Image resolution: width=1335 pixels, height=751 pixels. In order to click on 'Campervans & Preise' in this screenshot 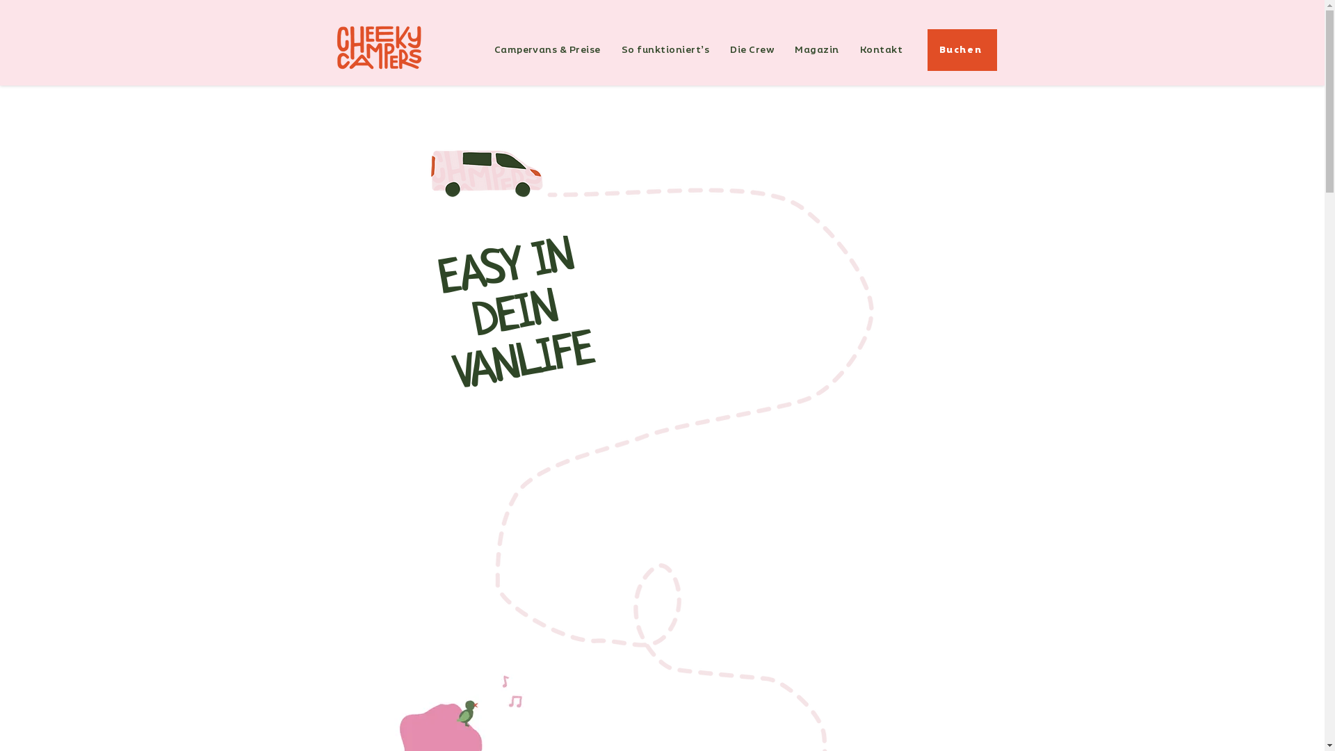, I will do `click(547, 49)`.